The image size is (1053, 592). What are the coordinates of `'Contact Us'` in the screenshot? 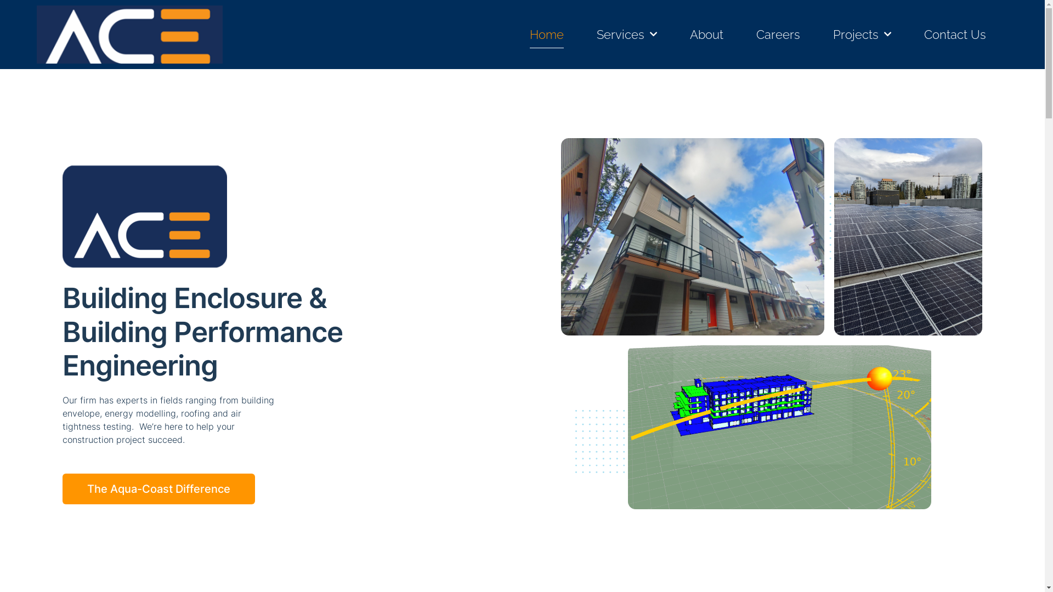 It's located at (954, 33).